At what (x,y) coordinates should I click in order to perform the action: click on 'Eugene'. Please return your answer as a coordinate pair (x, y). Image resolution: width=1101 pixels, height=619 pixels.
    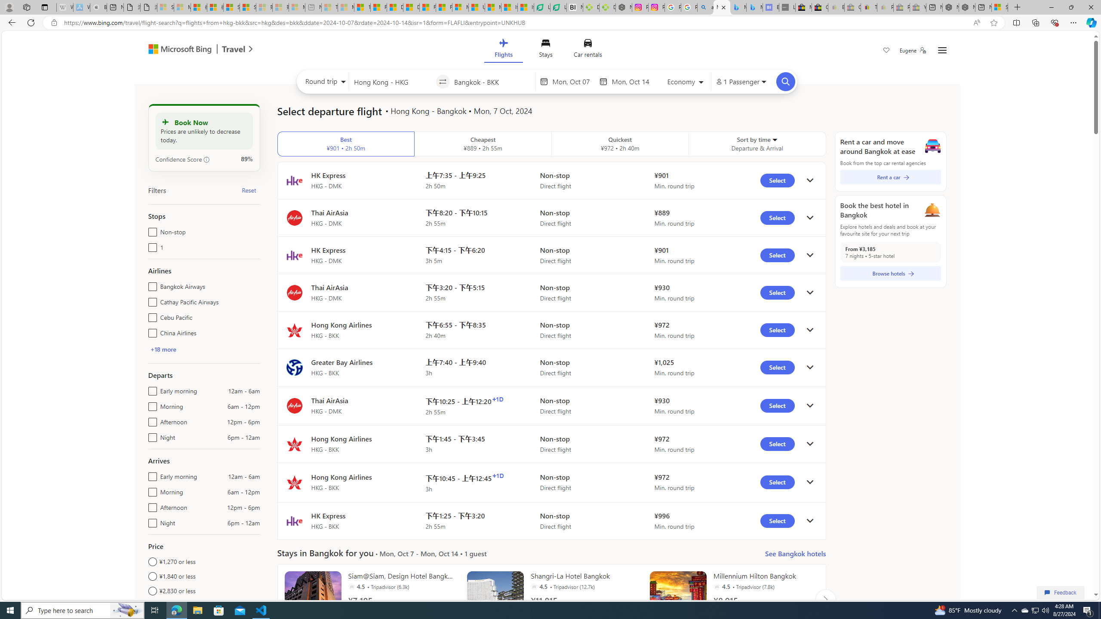
    Looking at the image, I should click on (912, 50).